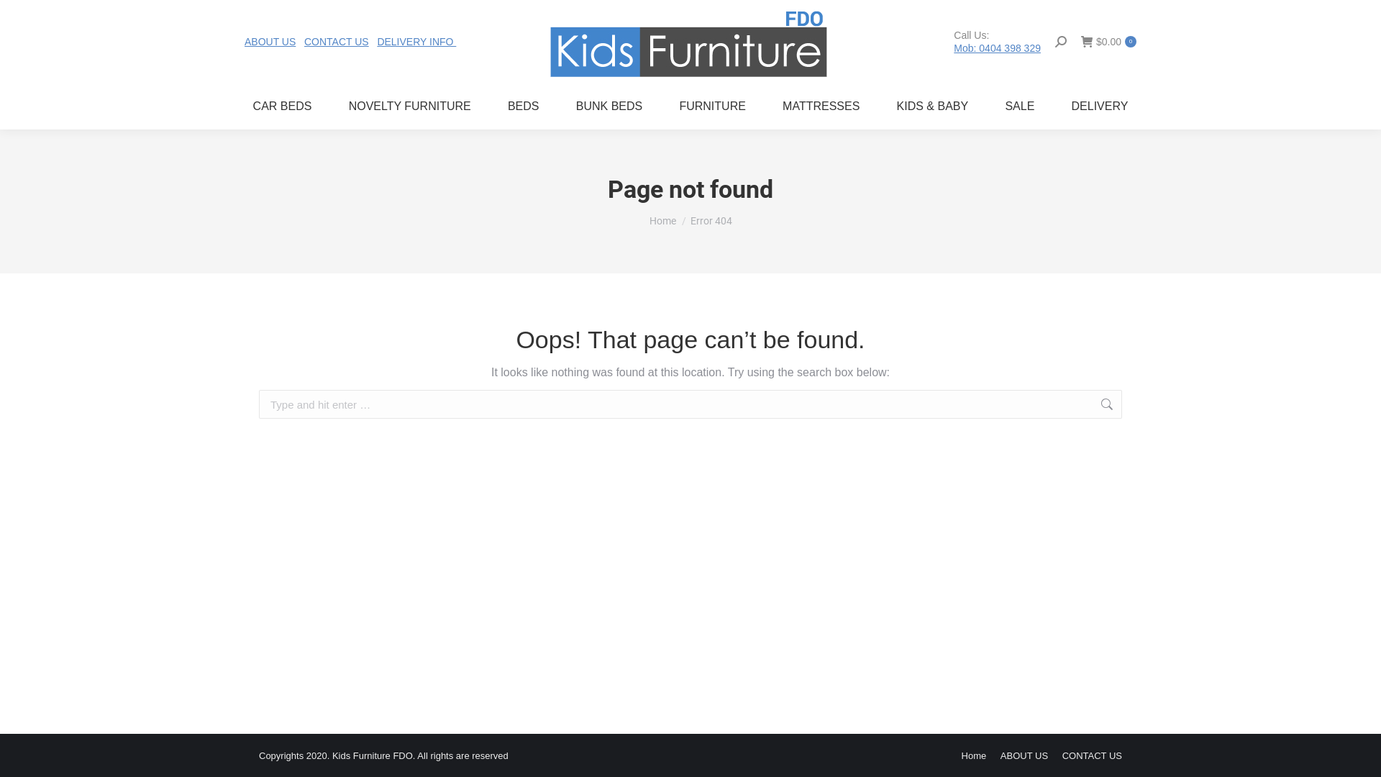 This screenshot has height=777, width=1381. Describe the element at coordinates (974, 755) in the screenshot. I see `'Home'` at that location.